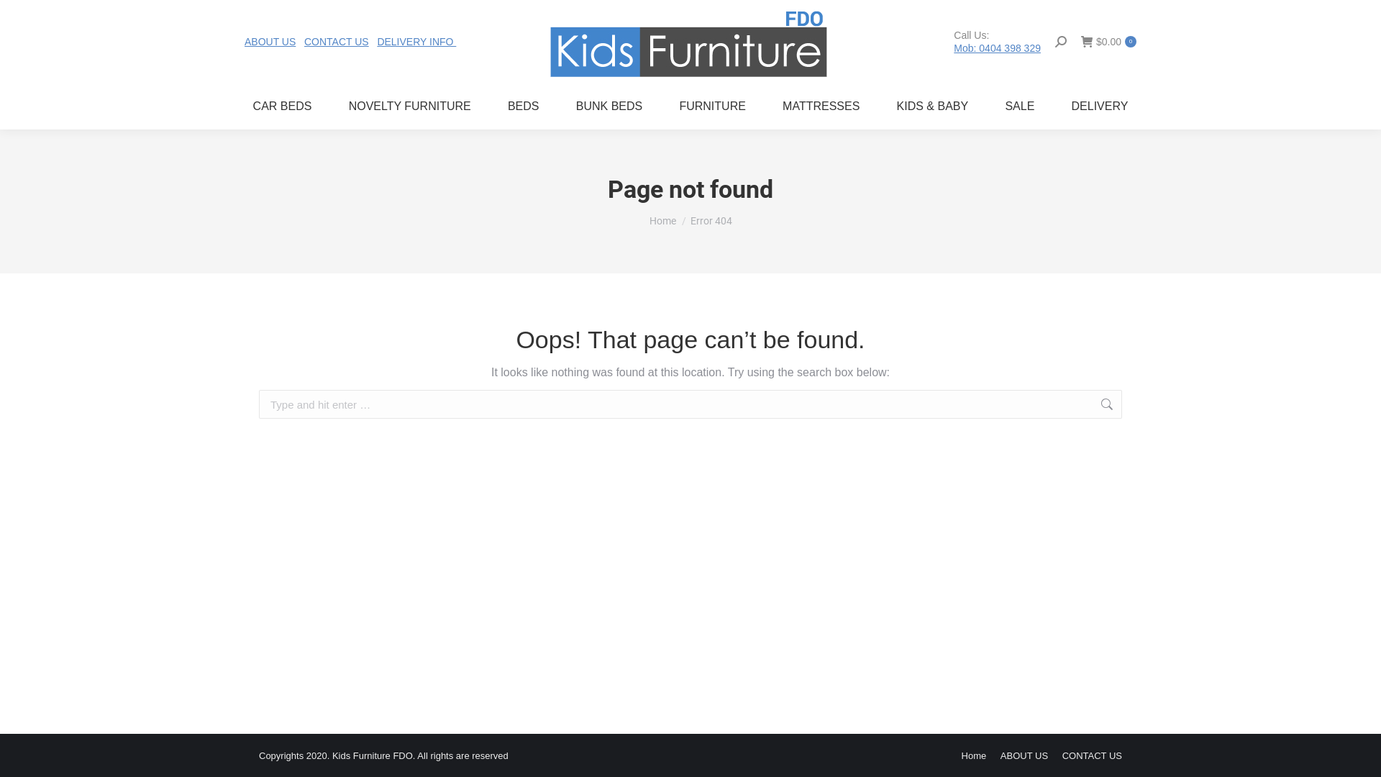 This screenshot has height=777, width=1381. Describe the element at coordinates (974, 755) in the screenshot. I see `'Home'` at that location.